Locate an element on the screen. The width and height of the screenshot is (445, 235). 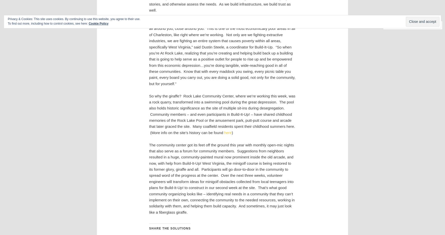
'Follow' is located at coordinates (425, 25).